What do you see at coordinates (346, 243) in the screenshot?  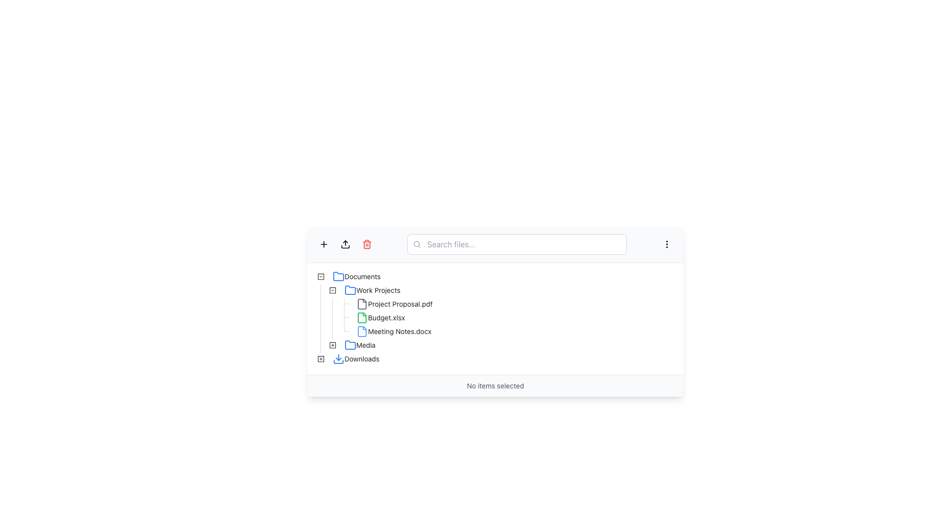 I see `the upload button located between the plus icon on the left and the trash icon on the right` at bounding box center [346, 243].